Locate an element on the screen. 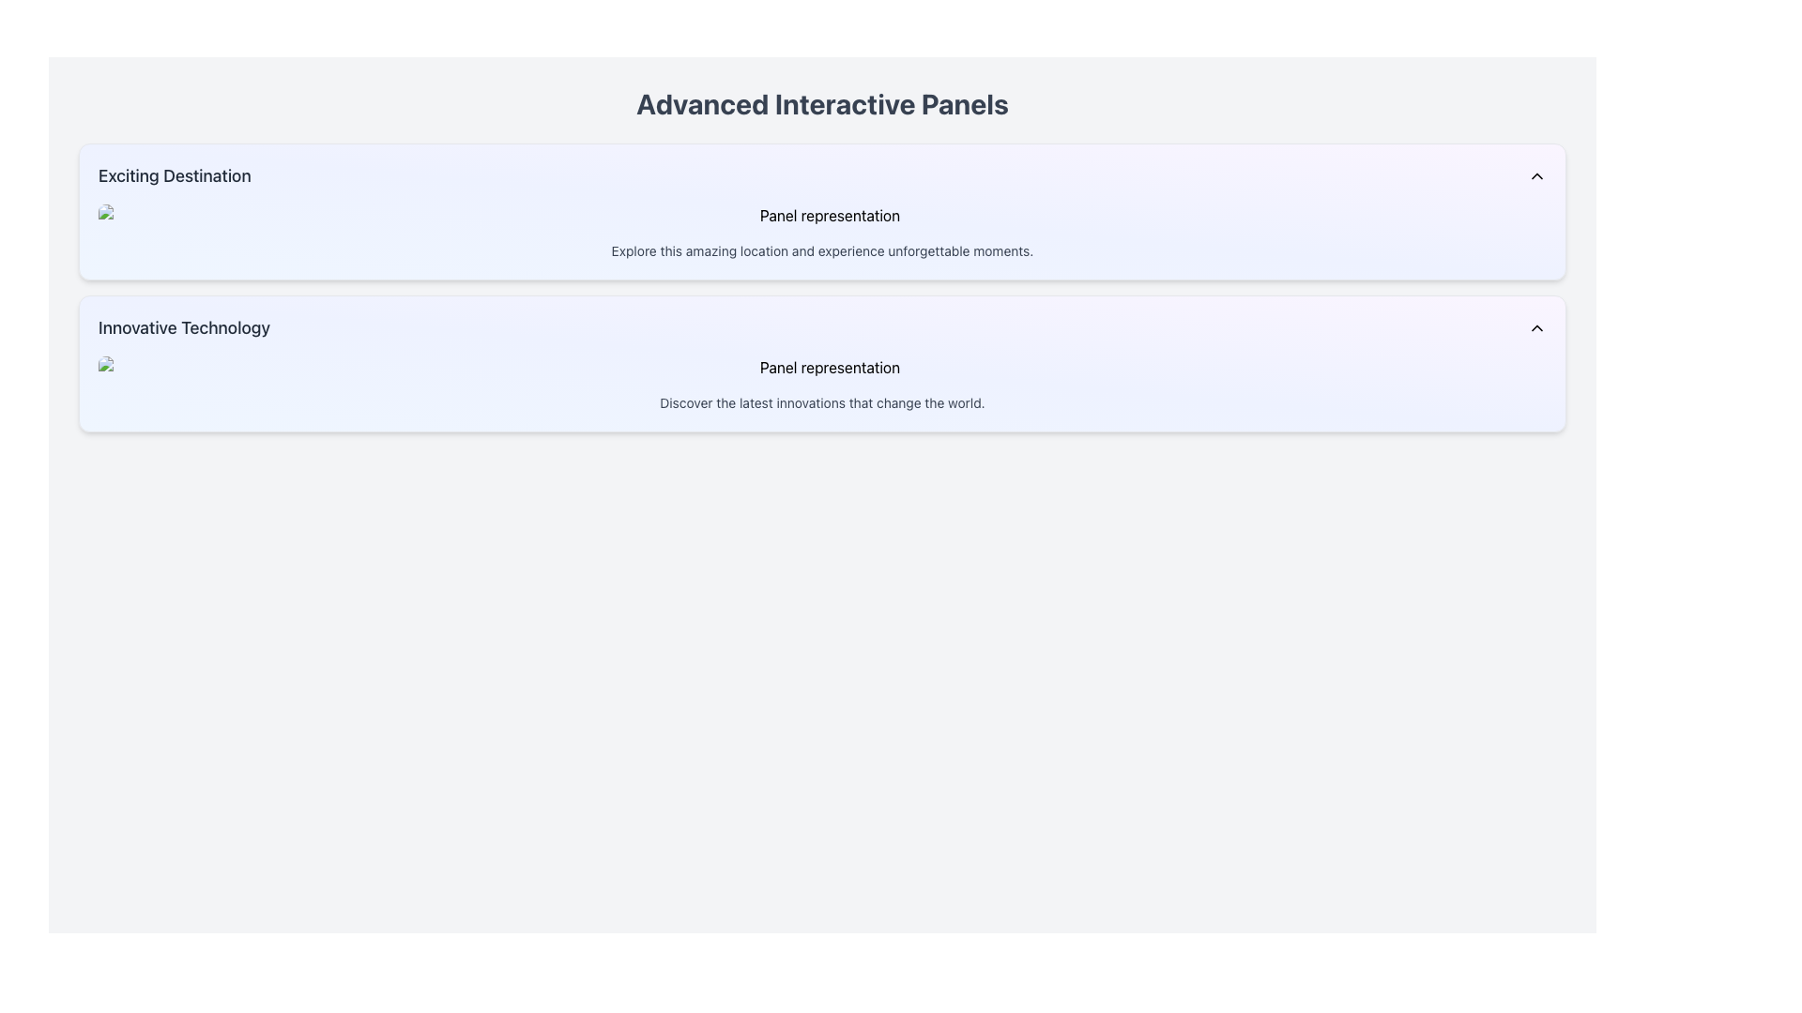 This screenshot has height=1013, width=1802. the descriptive text label in the 'Innovative Technology' section, located below the 'Panel representation' subtitle is located at coordinates (822, 401).